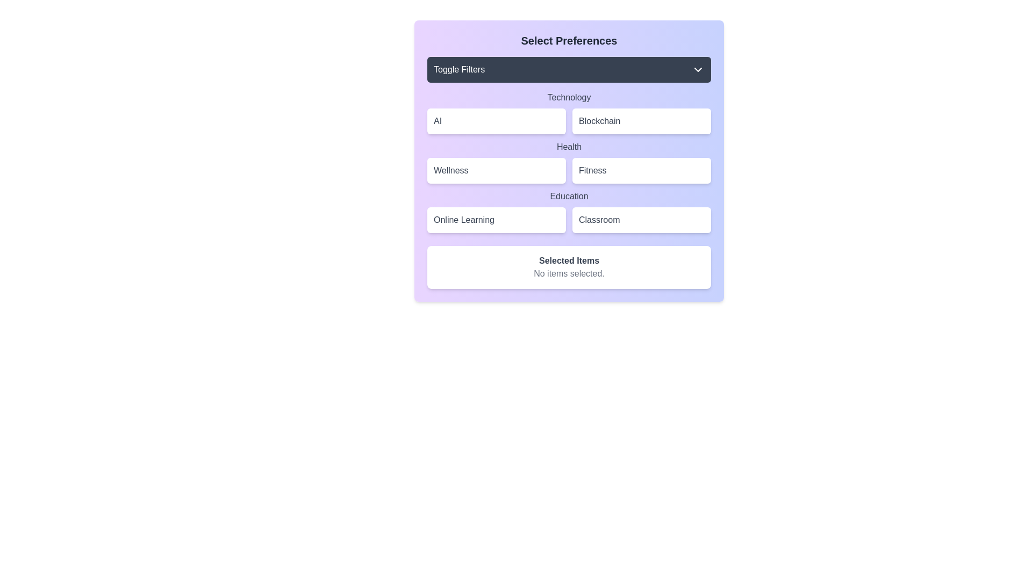 This screenshot has height=580, width=1032. What do you see at coordinates (459, 70) in the screenshot?
I see `the text label that indicates the purpose of toggling filter options, located in the top-left corner of a dark header area, aligned to the left and preceding a chevron icon` at bounding box center [459, 70].